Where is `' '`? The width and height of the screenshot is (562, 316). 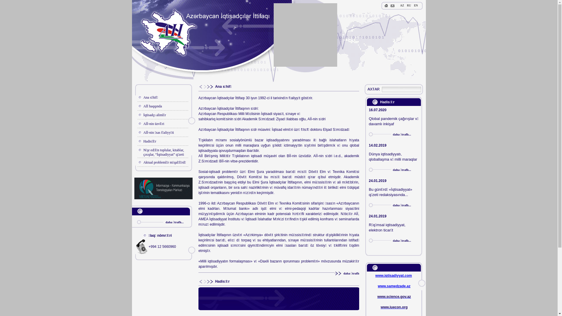 ' ' is located at coordinates (373, 89).